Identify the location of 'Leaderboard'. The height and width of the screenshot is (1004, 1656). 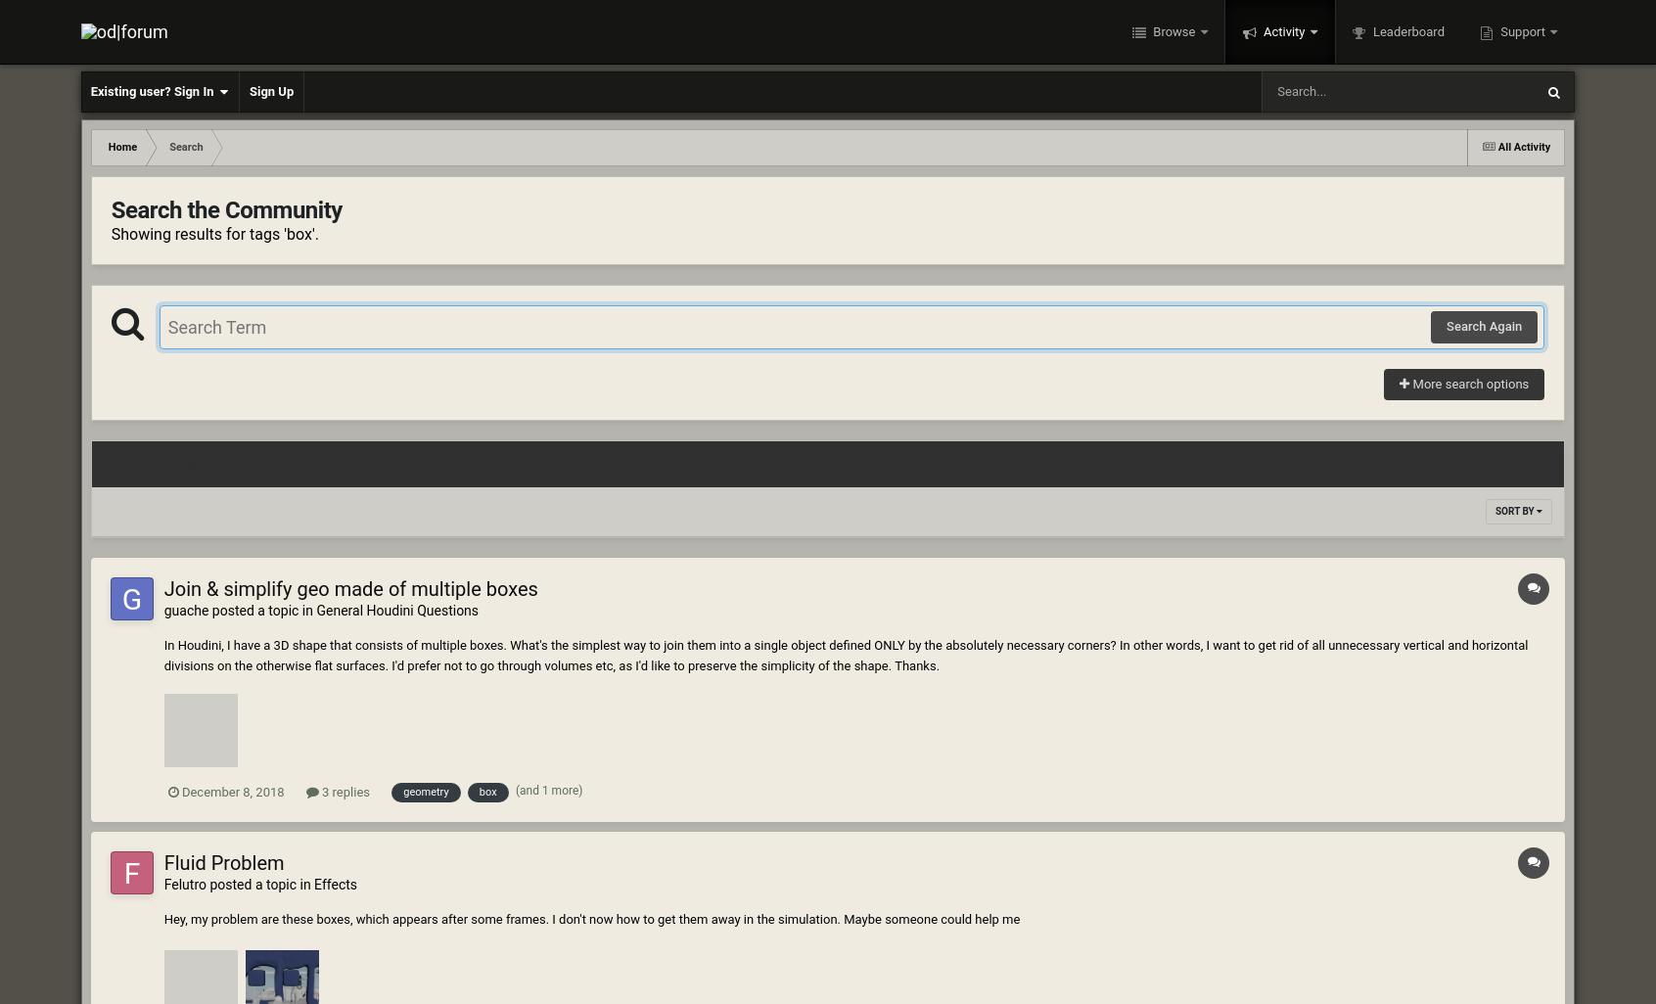
(1405, 31).